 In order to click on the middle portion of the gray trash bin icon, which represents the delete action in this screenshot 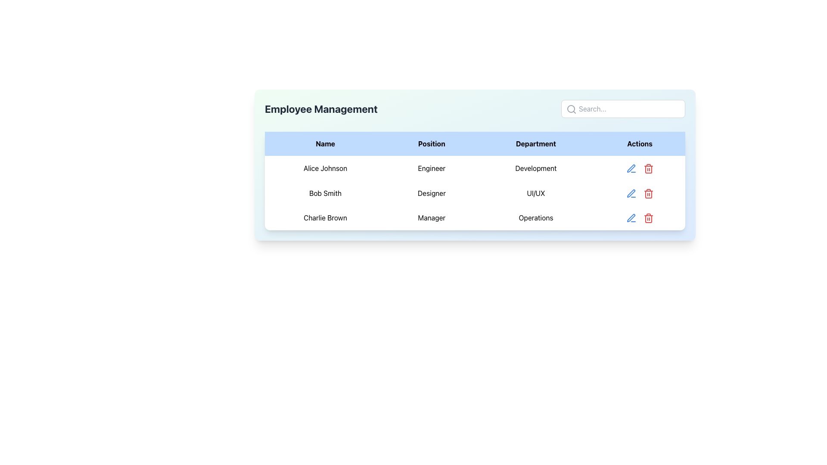, I will do `click(648, 169)`.